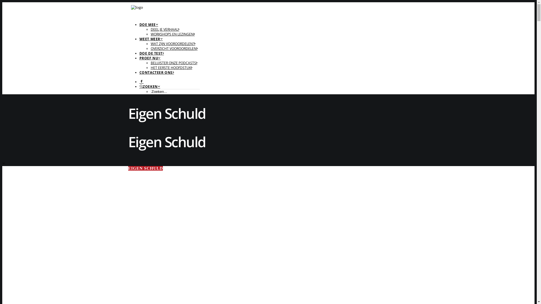  Describe the element at coordinates (14, 23) in the screenshot. I see `'THEMA'S'` at that location.